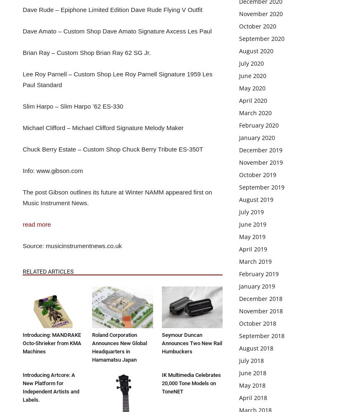  What do you see at coordinates (239, 162) in the screenshot?
I see `'November 2019'` at bounding box center [239, 162].